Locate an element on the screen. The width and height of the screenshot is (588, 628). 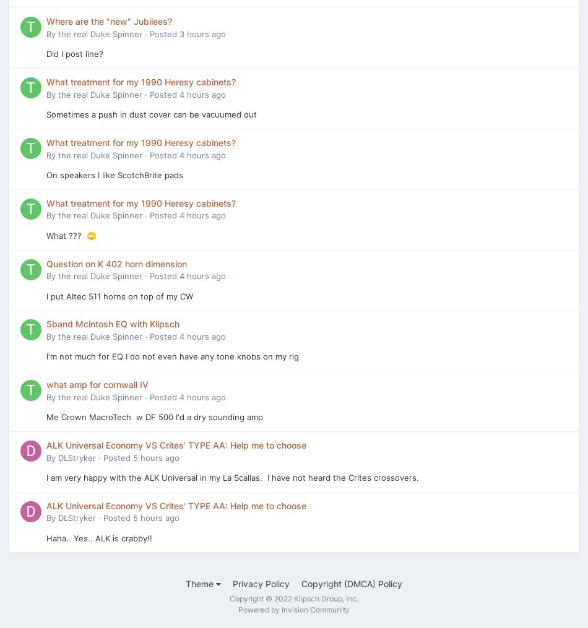
'Did I post line?' is located at coordinates (75, 53).